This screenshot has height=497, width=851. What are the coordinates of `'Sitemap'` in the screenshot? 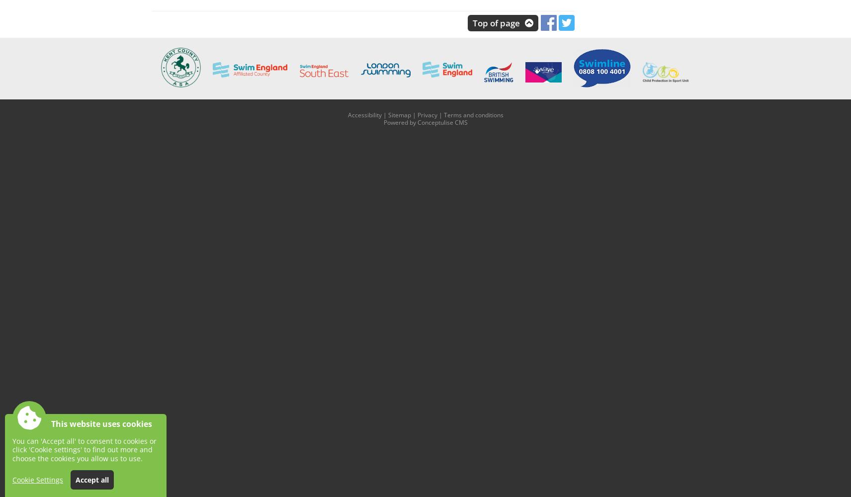 It's located at (399, 114).